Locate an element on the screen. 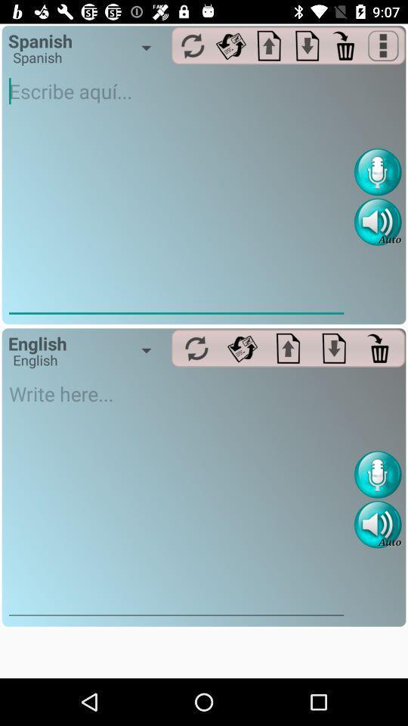  the volume icon is located at coordinates (377, 221).